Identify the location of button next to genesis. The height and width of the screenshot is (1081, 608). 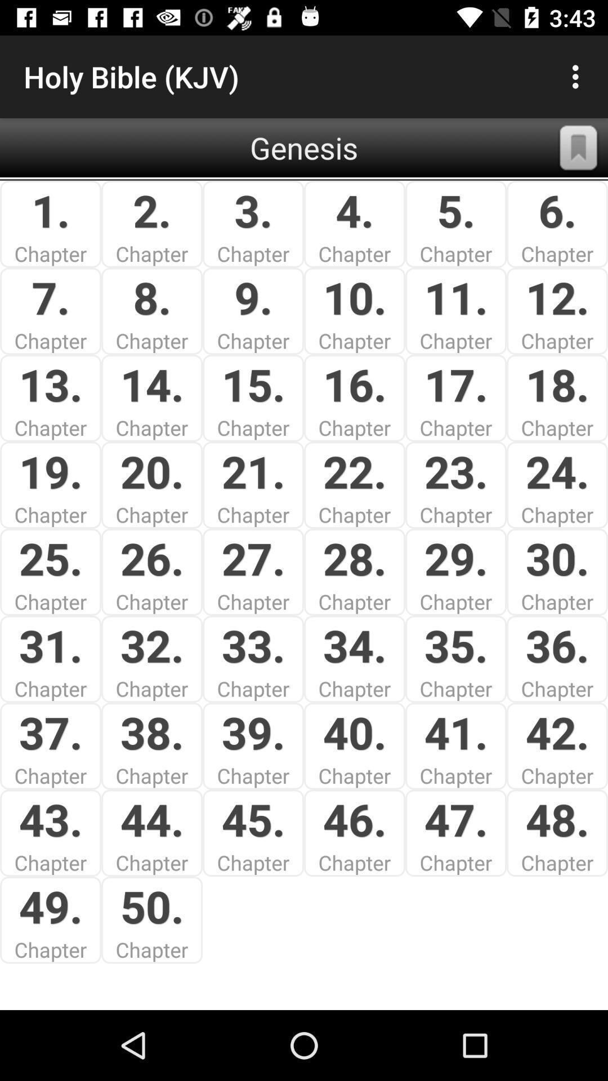
(578, 147).